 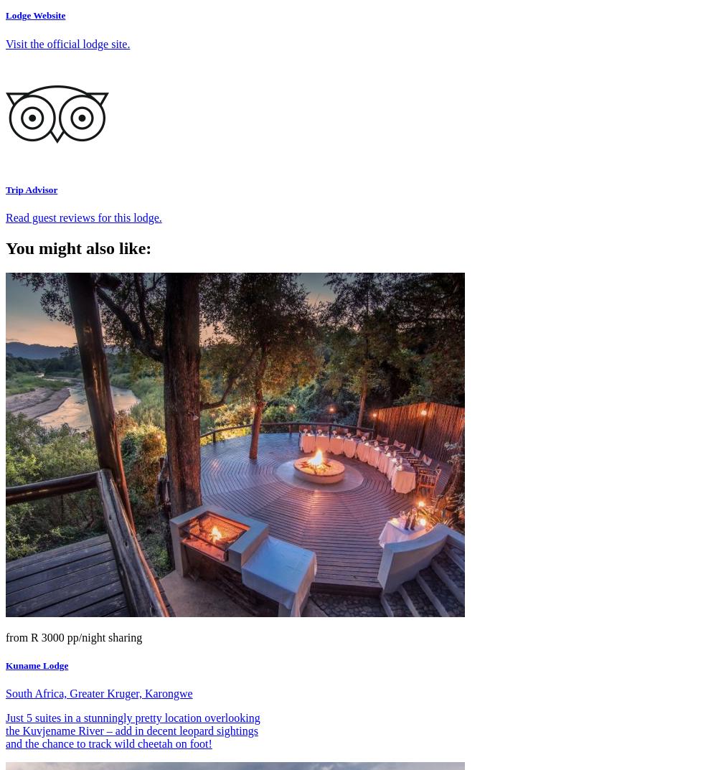 I want to click on 'South Africa, Greater Kruger, Karongwe', so click(x=99, y=692).